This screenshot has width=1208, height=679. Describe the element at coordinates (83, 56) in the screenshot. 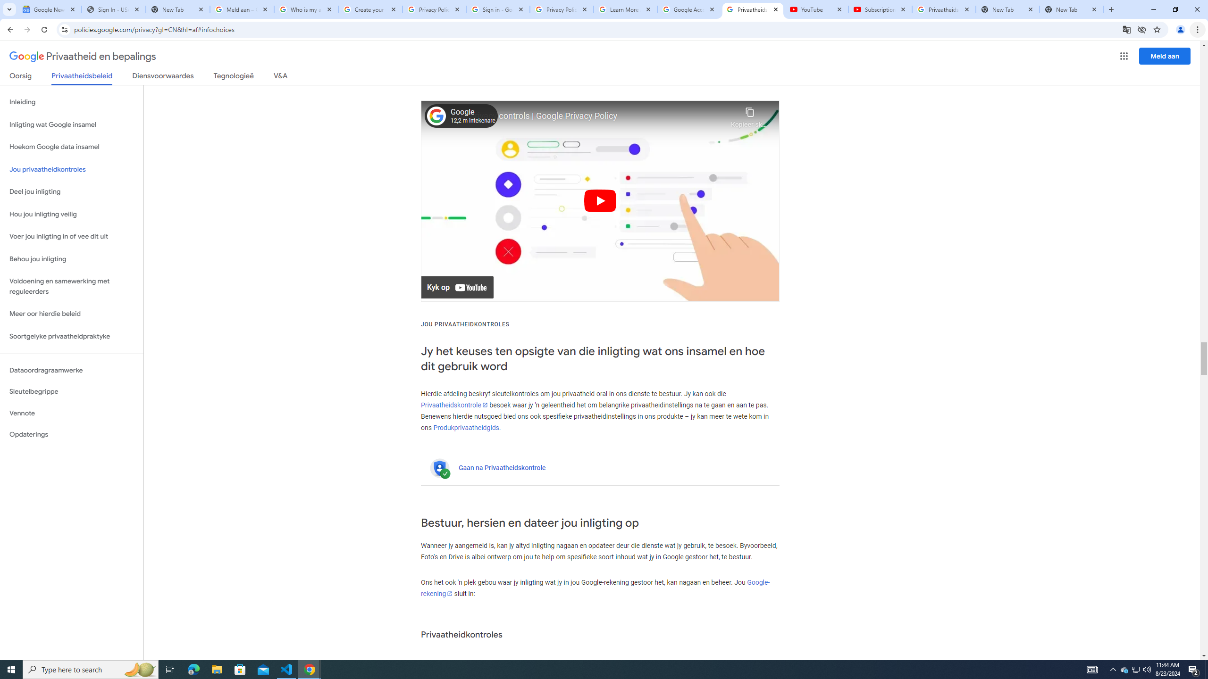

I see `'Privaatheid en bepalings'` at that location.